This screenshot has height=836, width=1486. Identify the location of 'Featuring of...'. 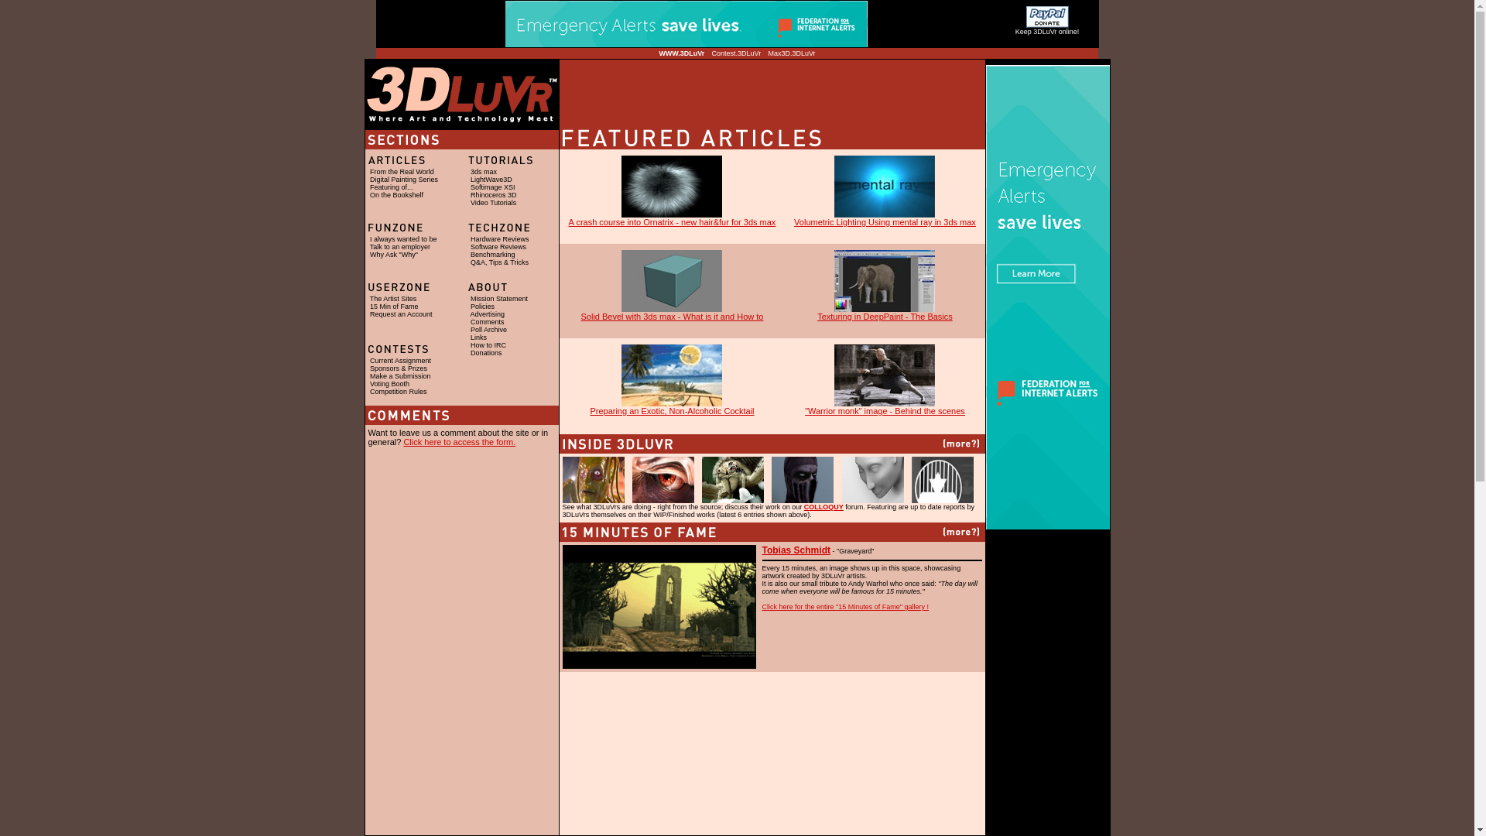
(391, 187).